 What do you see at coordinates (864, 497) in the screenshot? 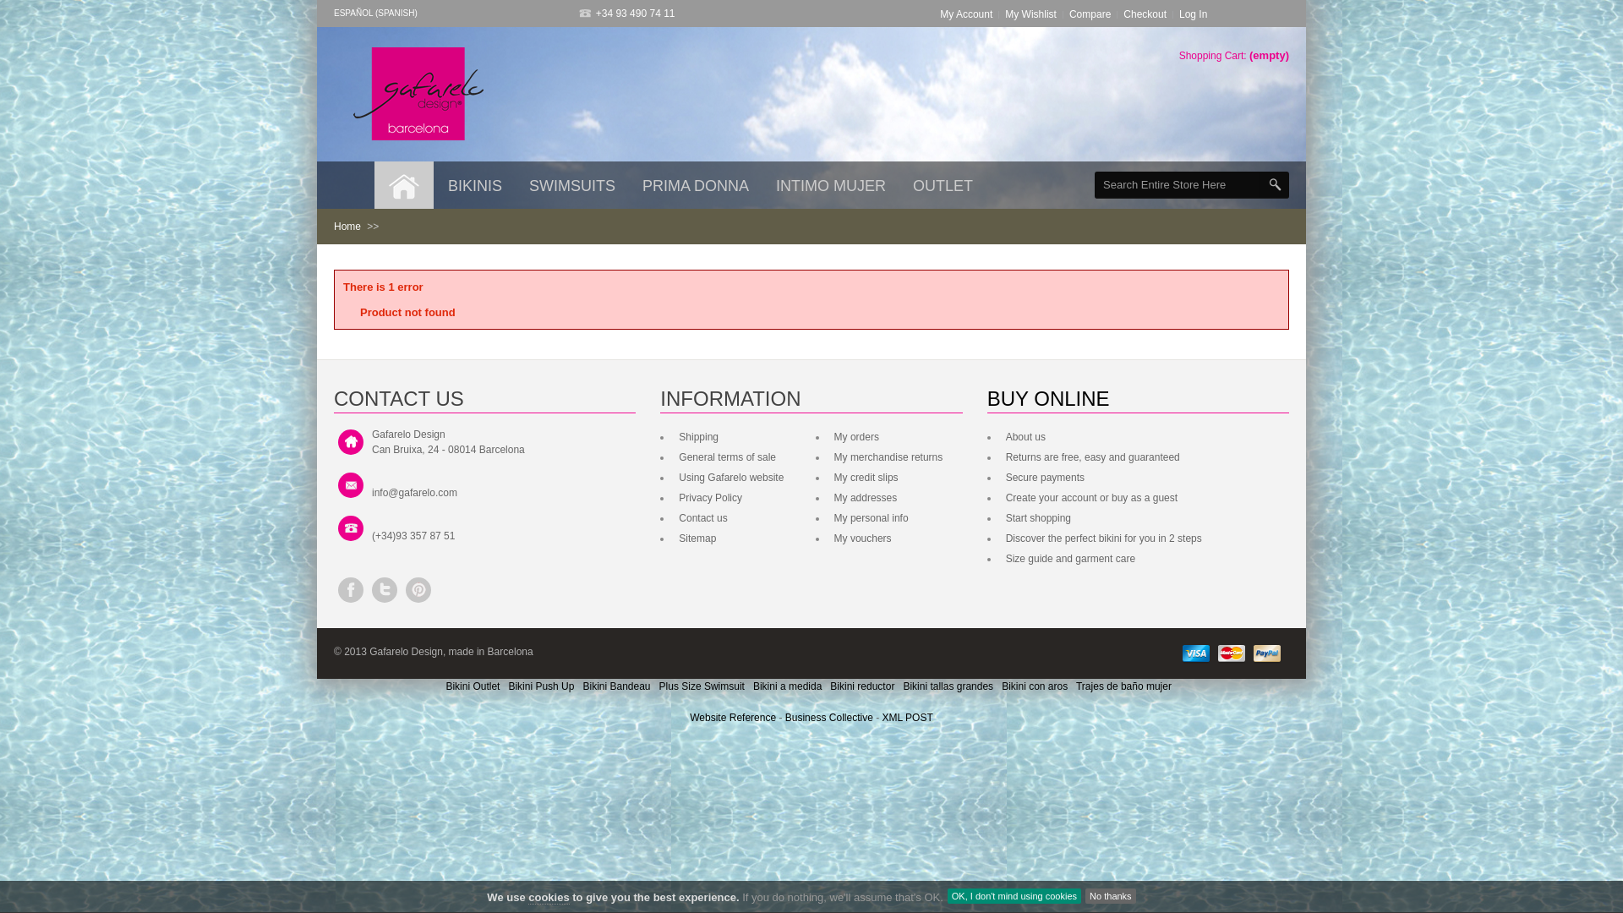
I see `'My addresses'` at bounding box center [864, 497].